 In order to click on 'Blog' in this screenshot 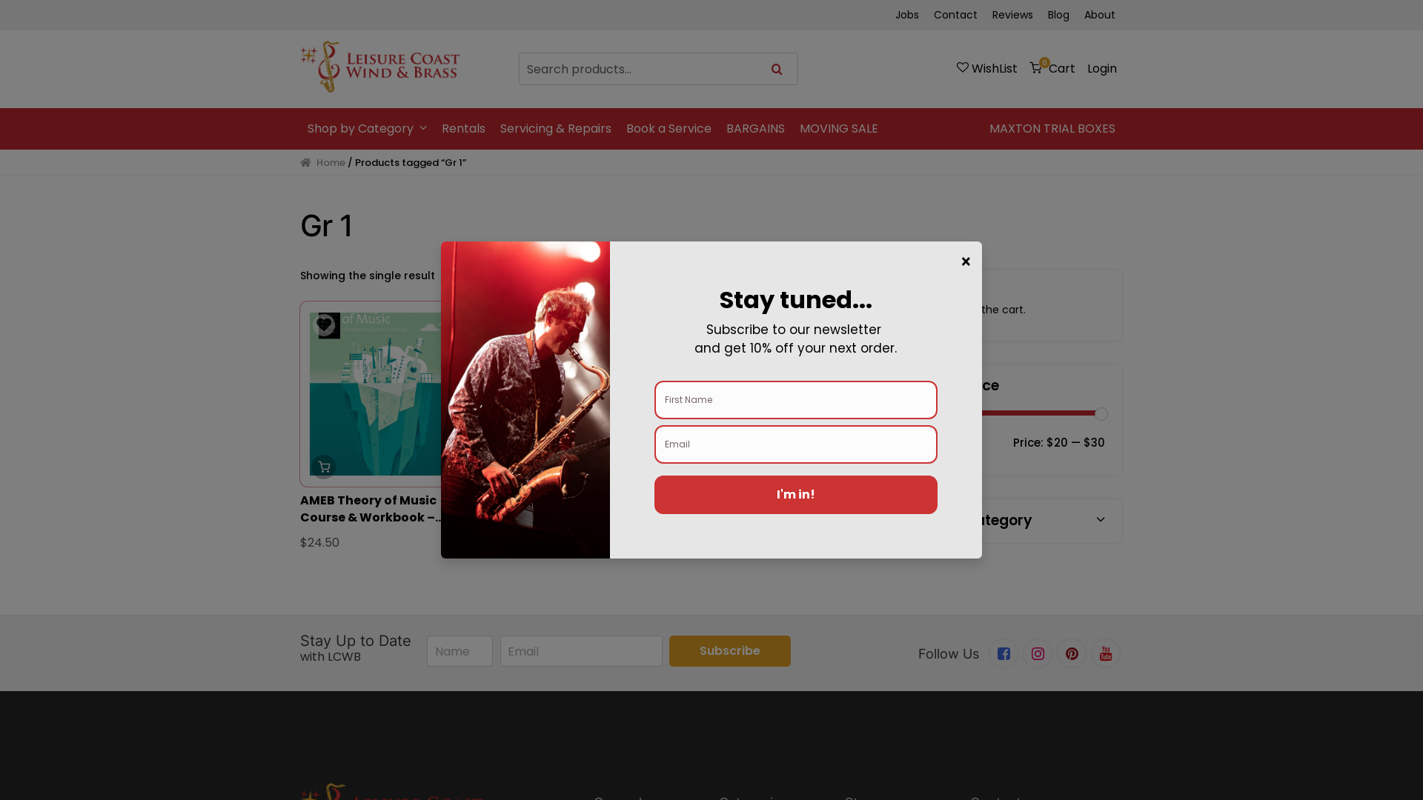, I will do `click(1058, 15)`.